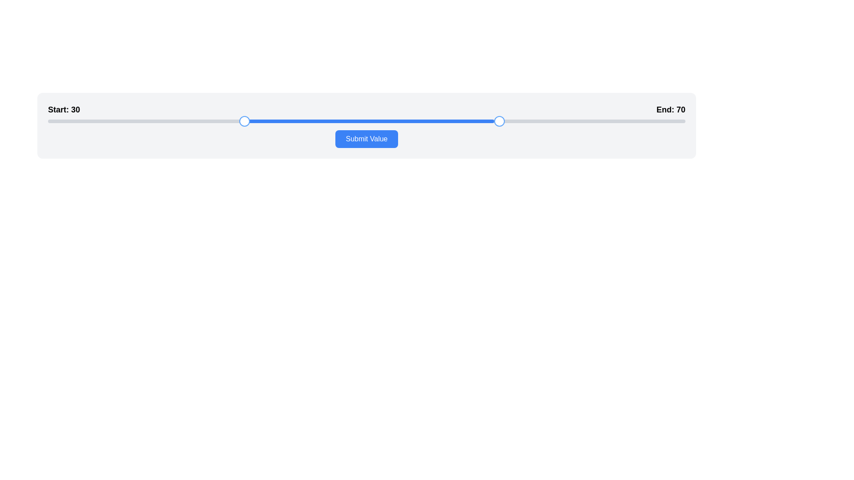 The image size is (854, 480). What do you see at coordinates (166, 121) in the screenshot?
I see `the slider thumb` at bounding box center [166, 121].